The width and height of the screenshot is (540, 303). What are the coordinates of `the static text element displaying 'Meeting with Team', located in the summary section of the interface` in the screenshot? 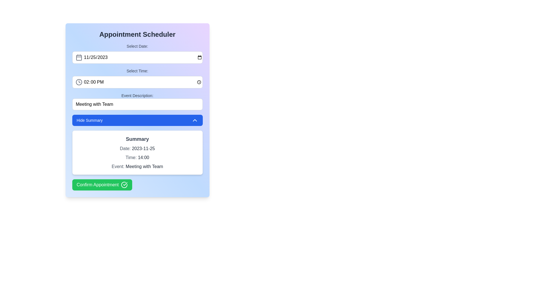 It's located at (144, 166).